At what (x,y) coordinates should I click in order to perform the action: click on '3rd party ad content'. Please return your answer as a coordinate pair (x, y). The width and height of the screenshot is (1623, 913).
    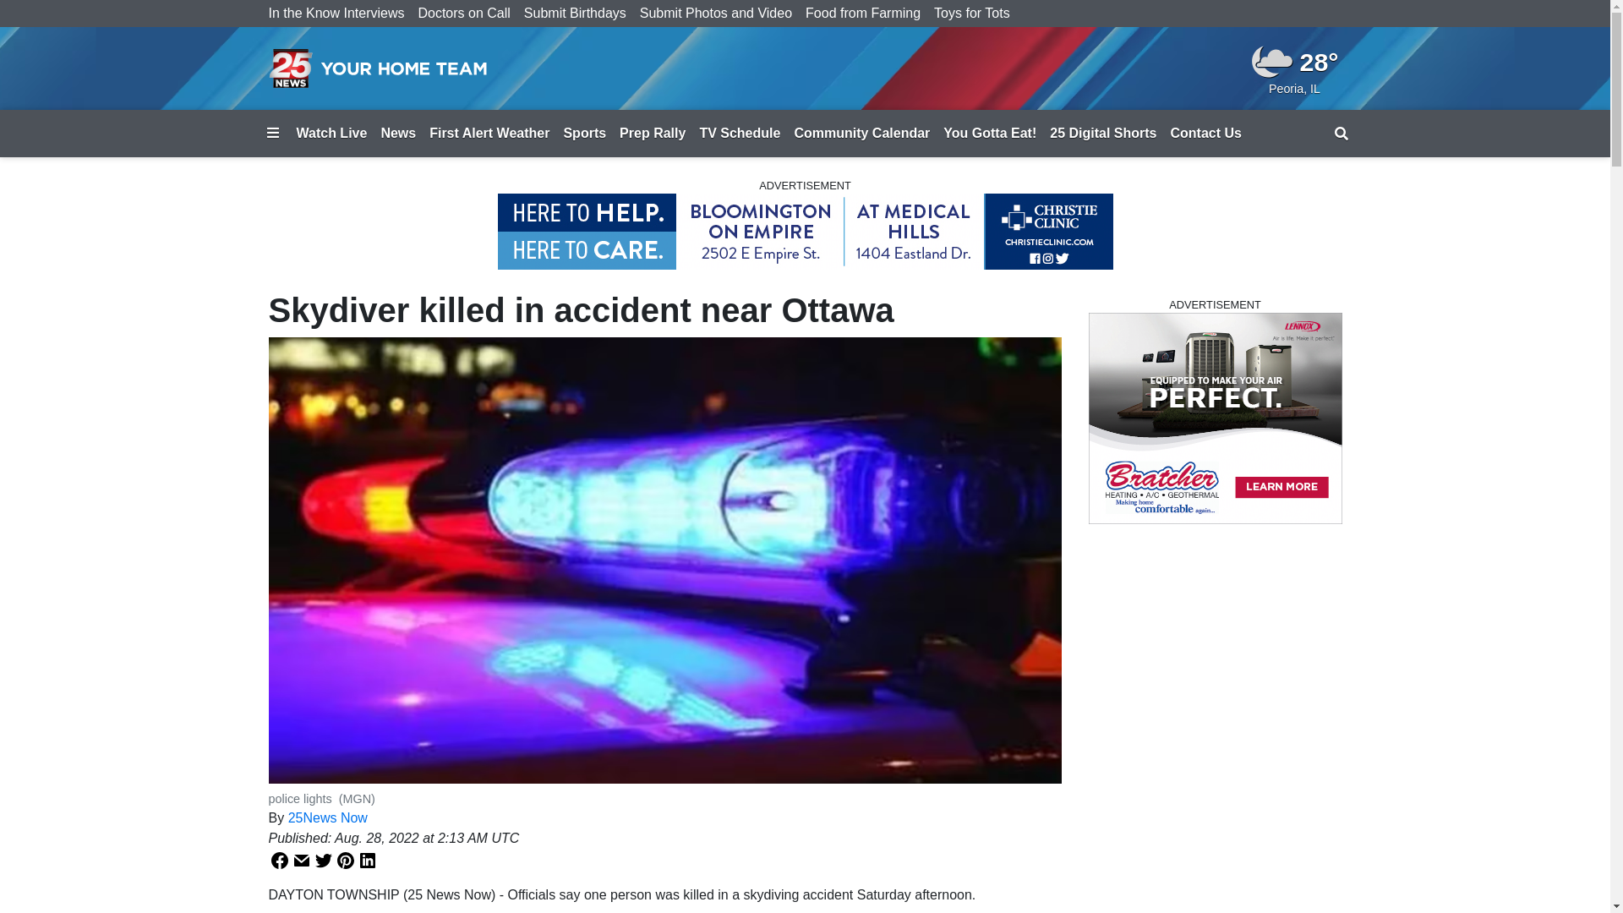
    Looking at the image, I should click on (1215, 418).